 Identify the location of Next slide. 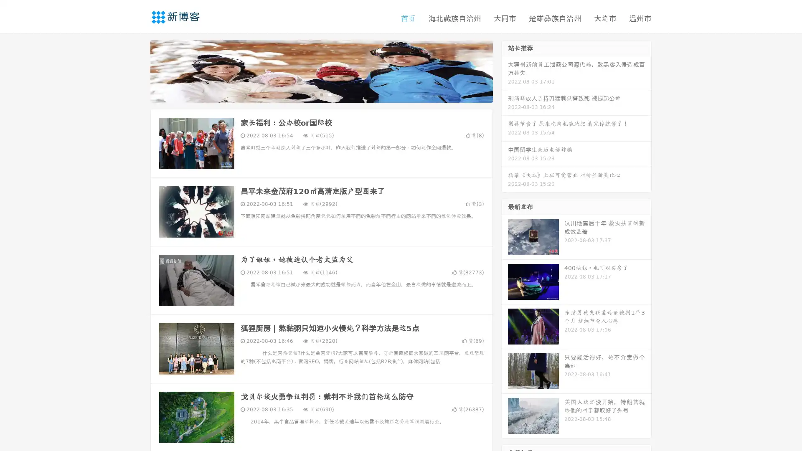
(505, 70).